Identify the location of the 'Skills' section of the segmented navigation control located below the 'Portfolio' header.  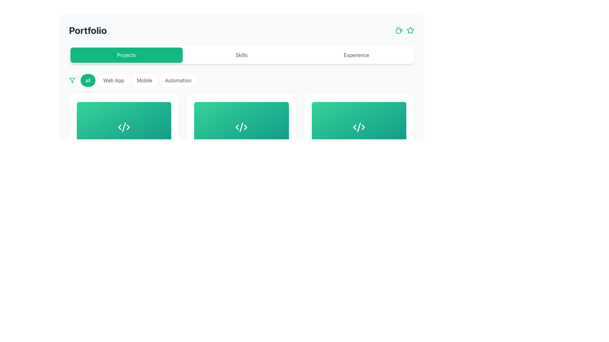
(241, 54).